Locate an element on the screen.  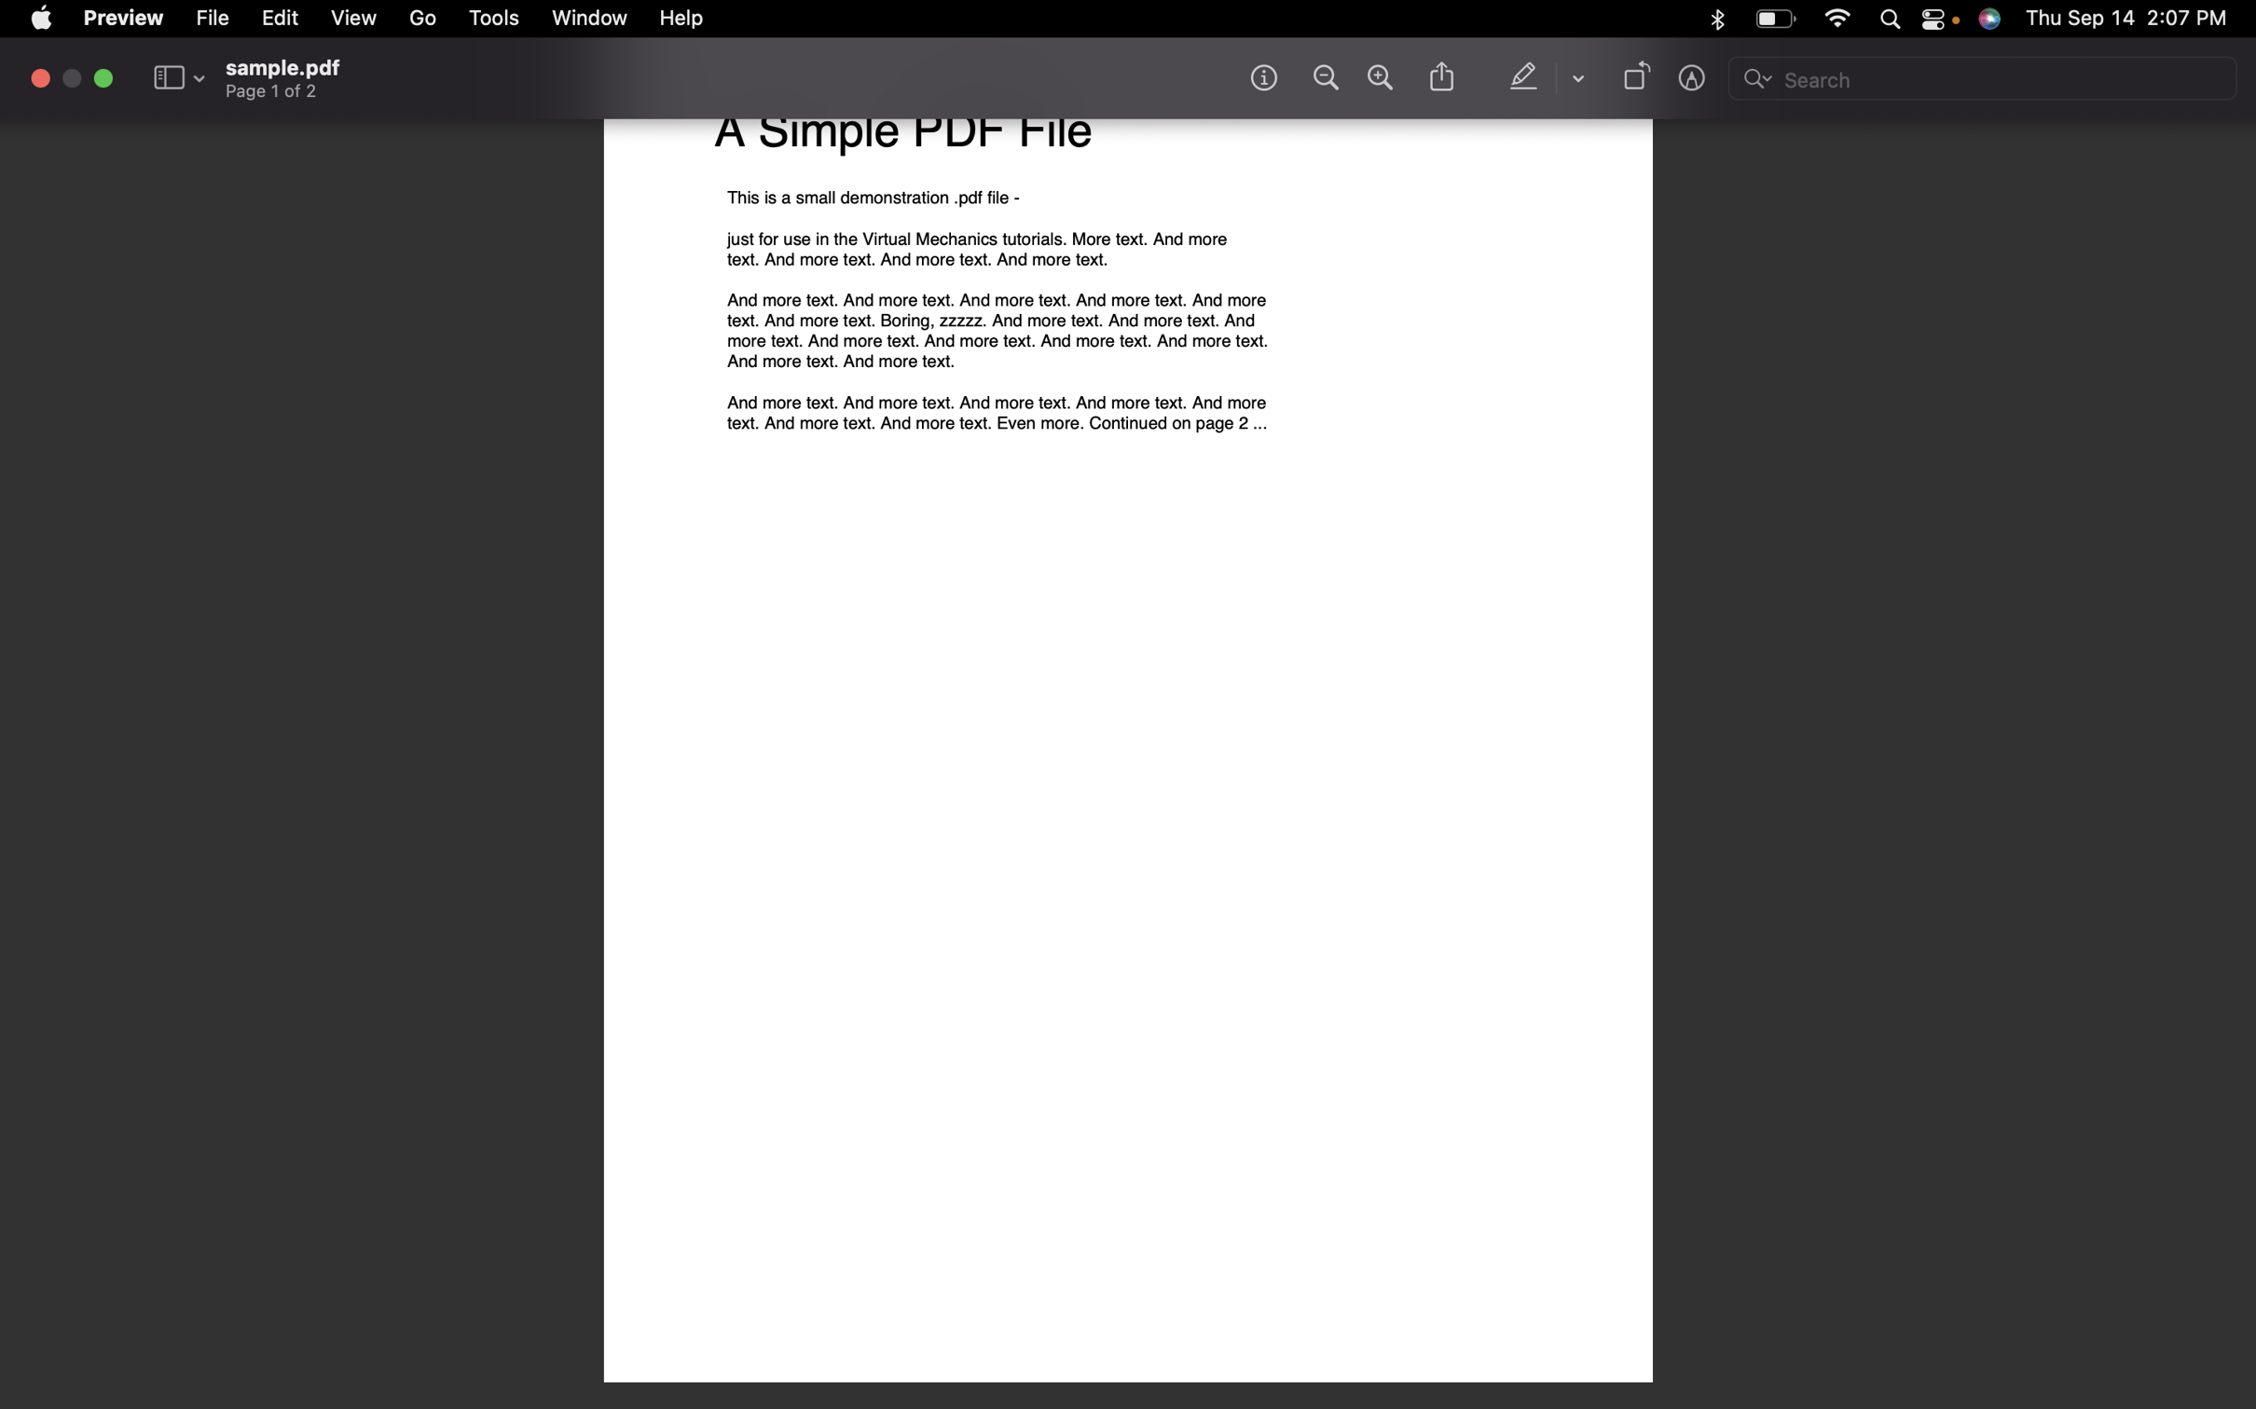
the close option of this file is located at coordinates (40, 77).